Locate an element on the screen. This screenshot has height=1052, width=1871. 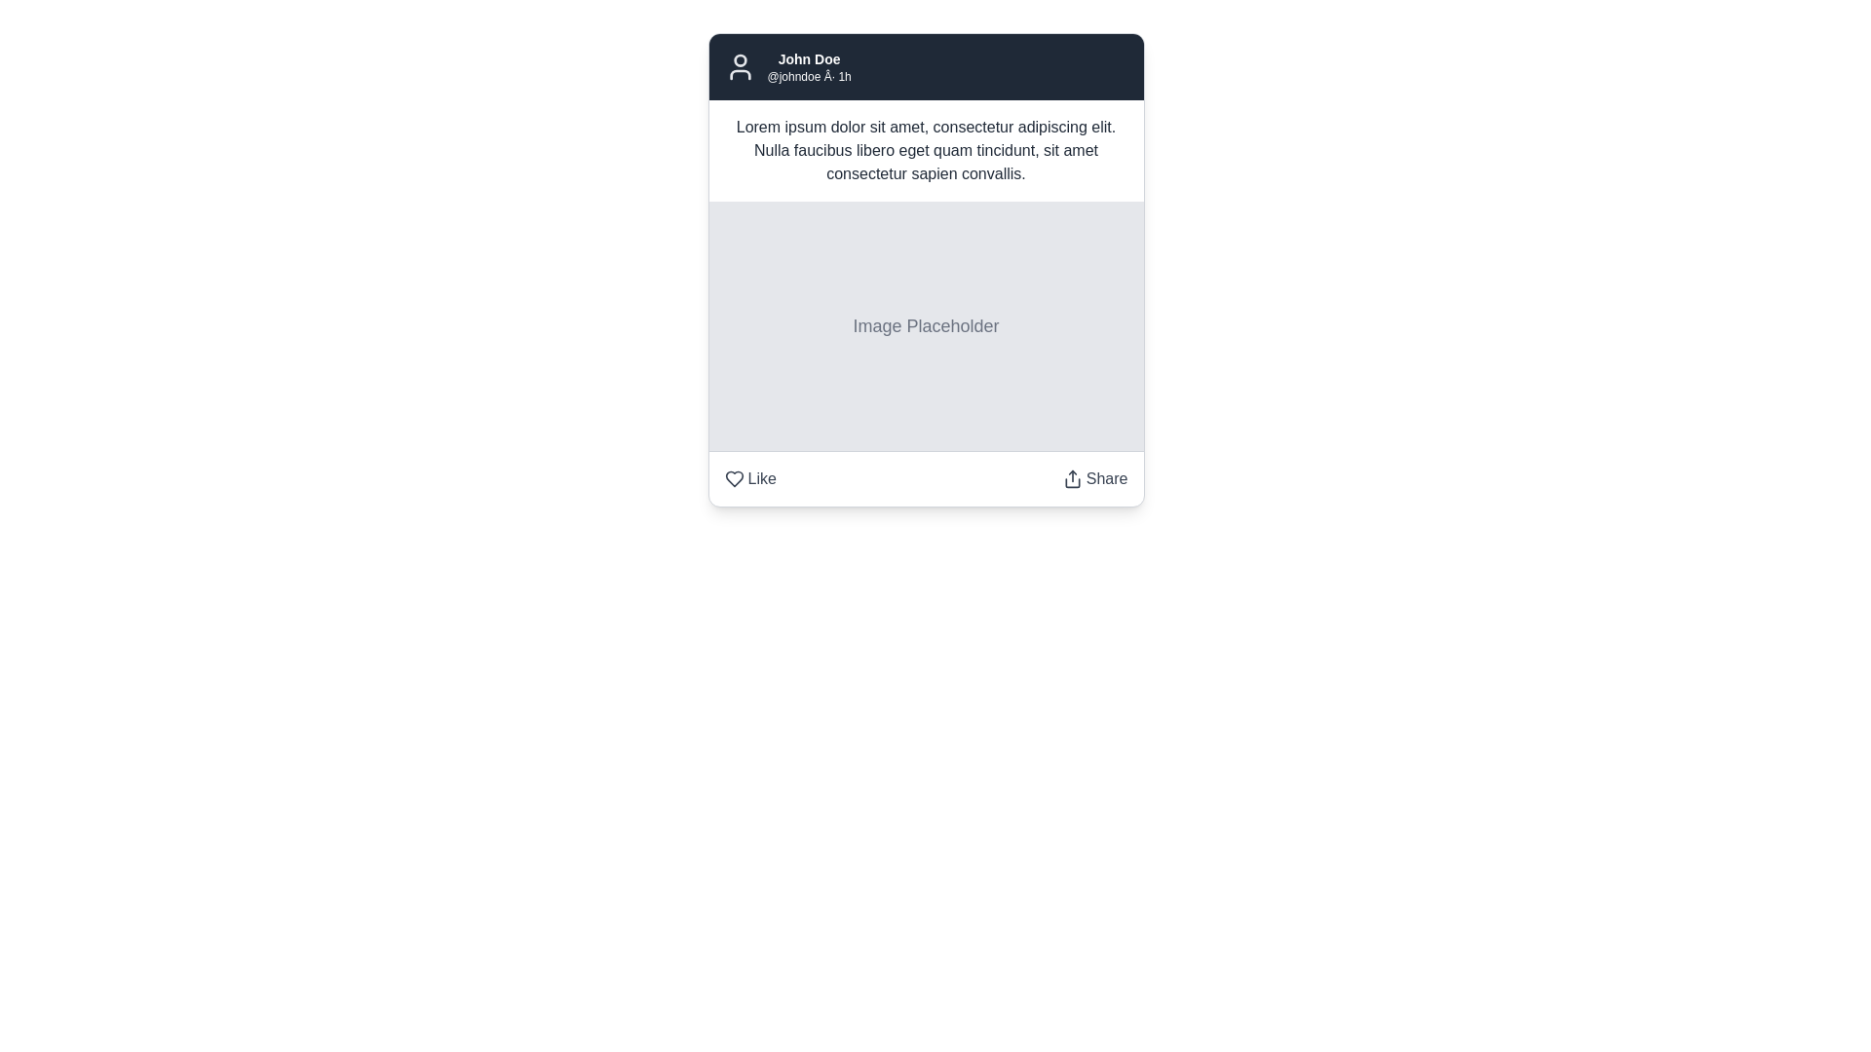
the button featuring a heart icon and the text 'Like' is located at coordinates (749, 479).